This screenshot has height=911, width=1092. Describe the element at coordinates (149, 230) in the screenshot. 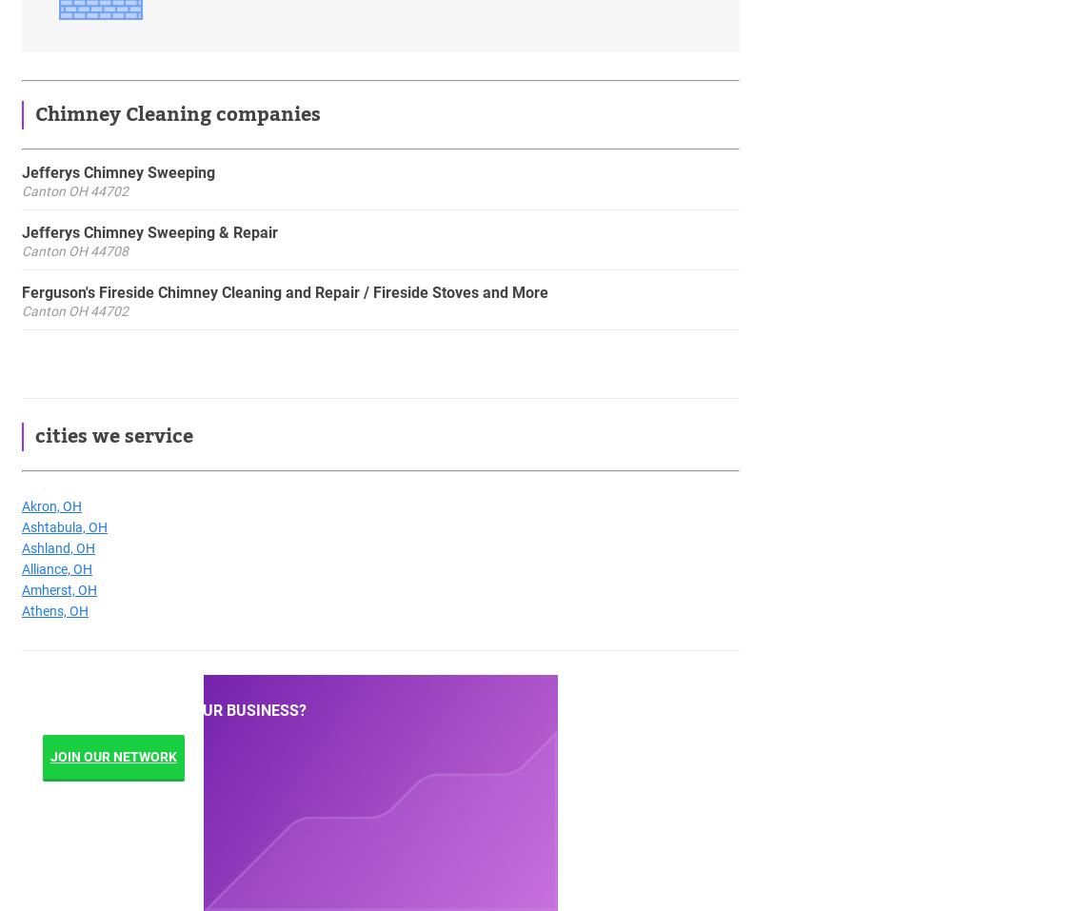

I see `'Jefferys Chimney Sweeping & Repair'` at that location.